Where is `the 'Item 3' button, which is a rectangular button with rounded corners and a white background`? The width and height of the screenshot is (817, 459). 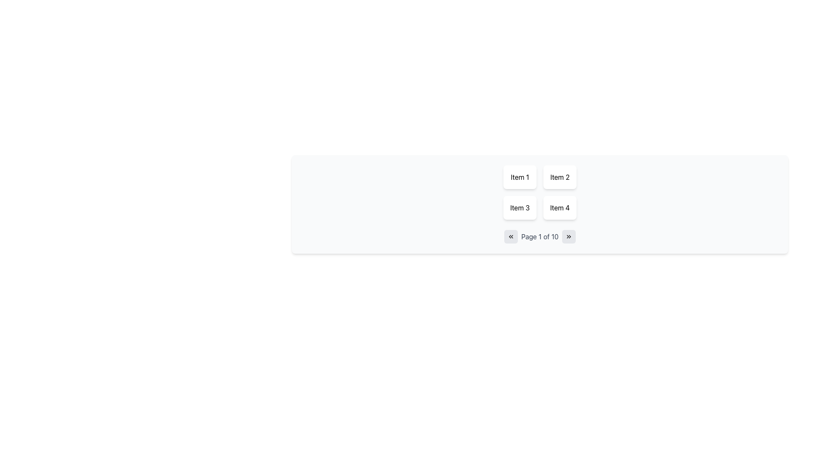 the 'Item 3' button, which is a rectangular button with rounded corners and a white background is located at coordinates (520, 208).